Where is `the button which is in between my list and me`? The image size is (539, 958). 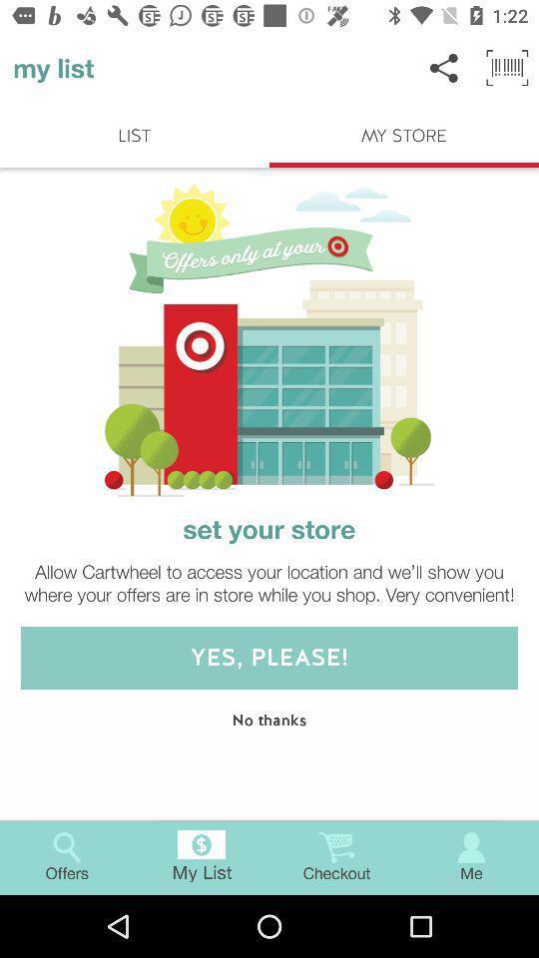
the button which is in between my list and me is located at coordinates (336, 857).